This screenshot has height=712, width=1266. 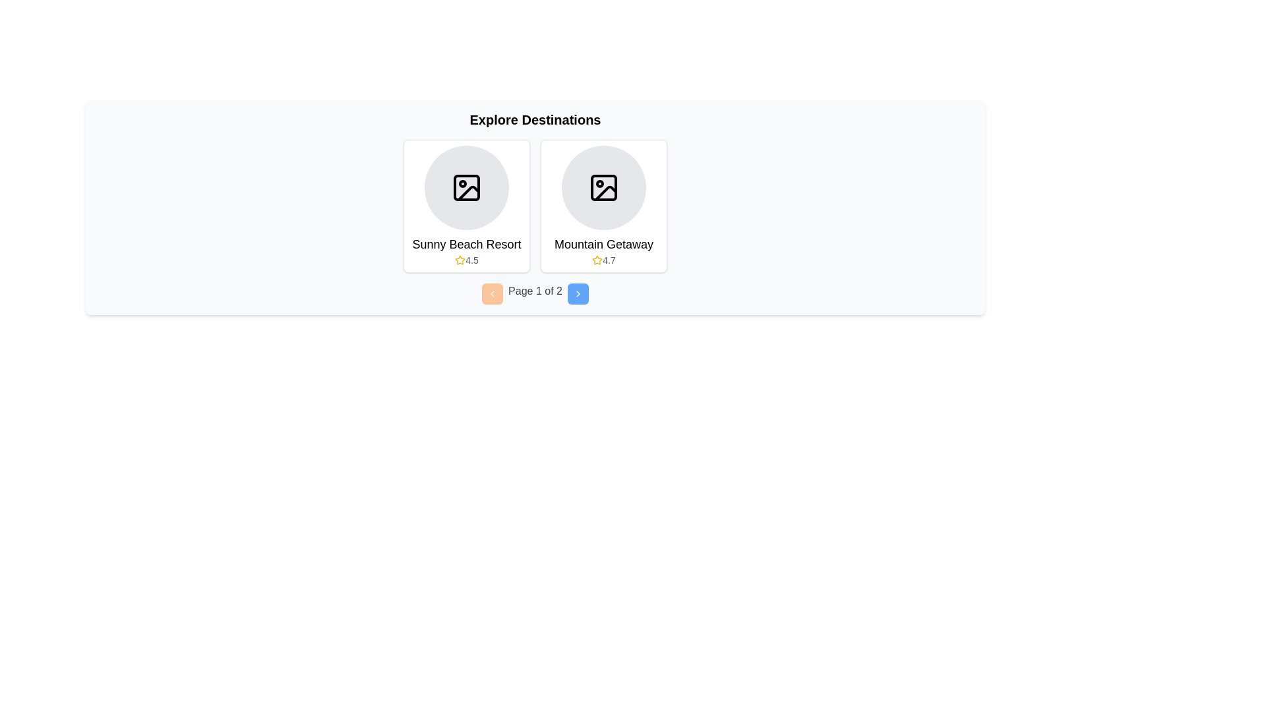 What do you see at coordinates (603, 260) in the screenshot?
I see `the Rating label displayed at the lower part of the 'Mountain Getaway' card, which shows the rating score` at bounding box center [603, 260].